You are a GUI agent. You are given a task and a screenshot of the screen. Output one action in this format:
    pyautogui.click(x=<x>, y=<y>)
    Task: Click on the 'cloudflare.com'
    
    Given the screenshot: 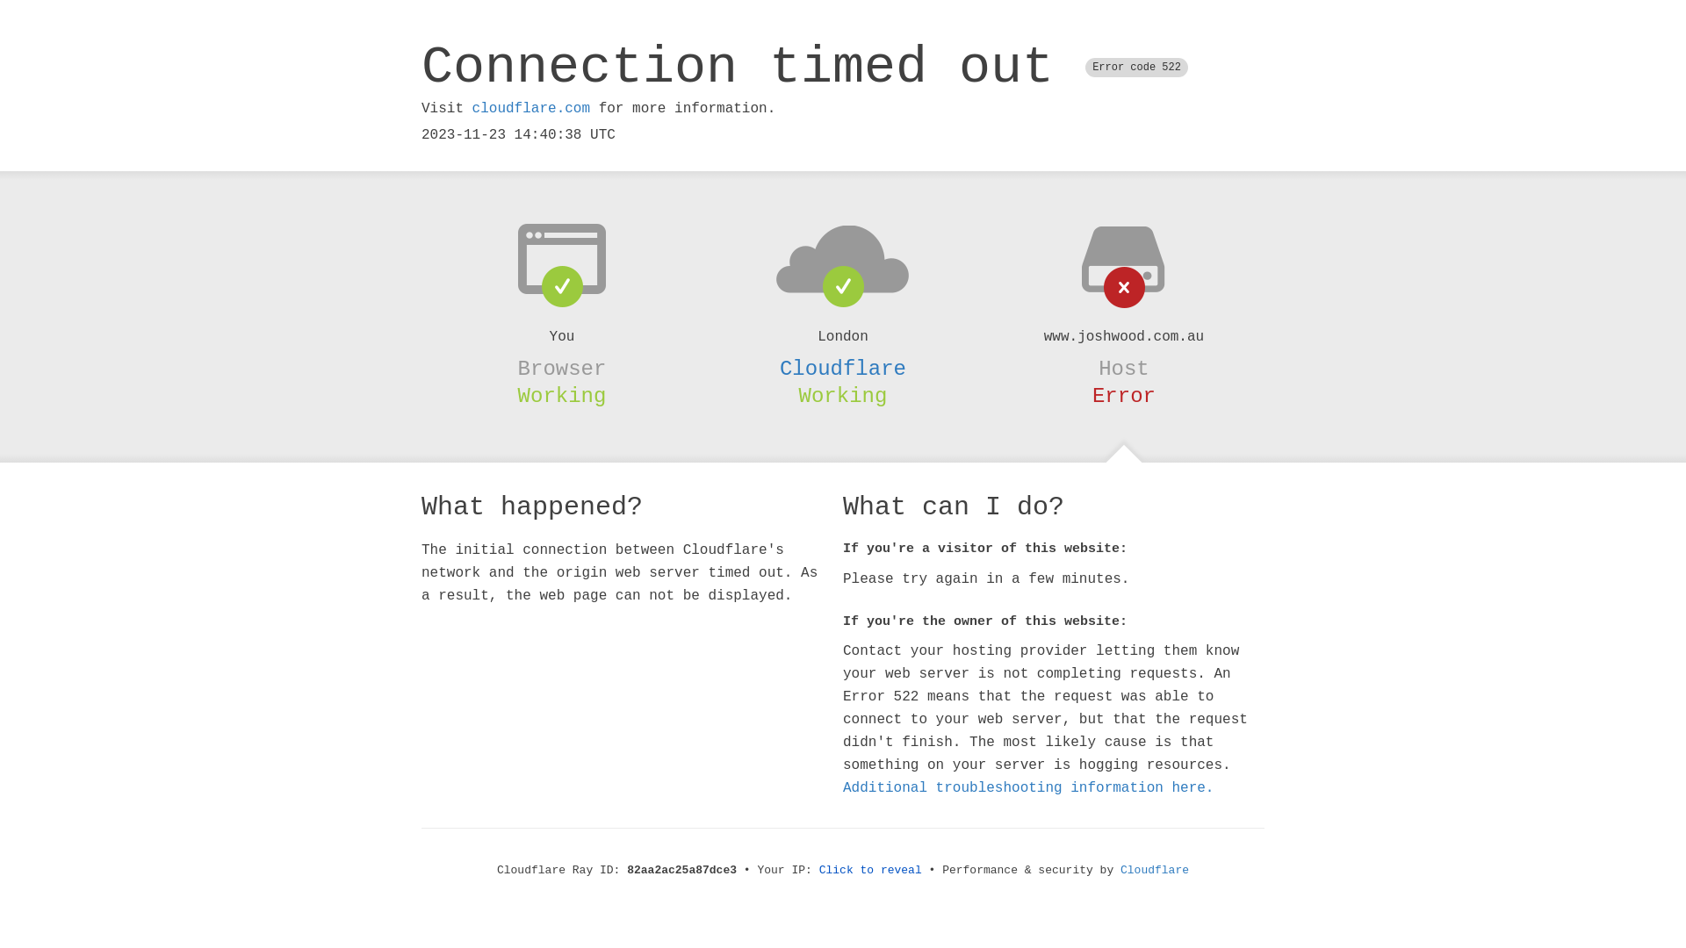 What is the action you would take?
    pyautogui.click(x=530, y=108)
    